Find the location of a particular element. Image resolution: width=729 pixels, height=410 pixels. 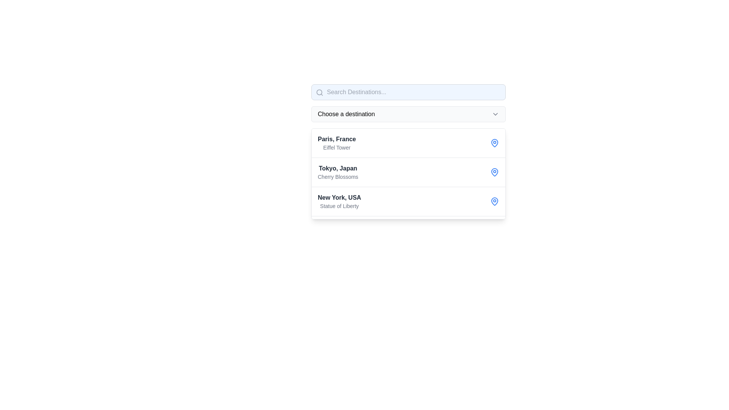

the bold text label reading 'Tokyo, Japan', which is styled in dark gray and positioned at the top of its group in the list of destinations is located at coordinates (338, 168).